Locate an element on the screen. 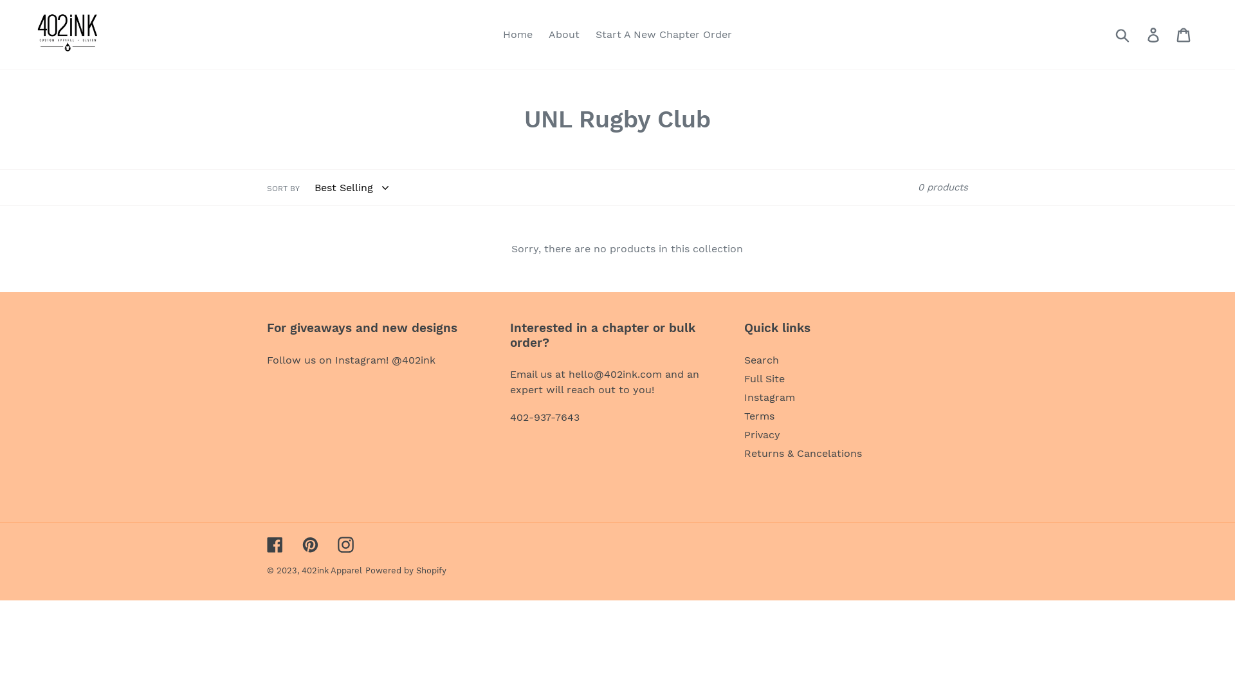  'Terms' is located at coordinates (759, 416).